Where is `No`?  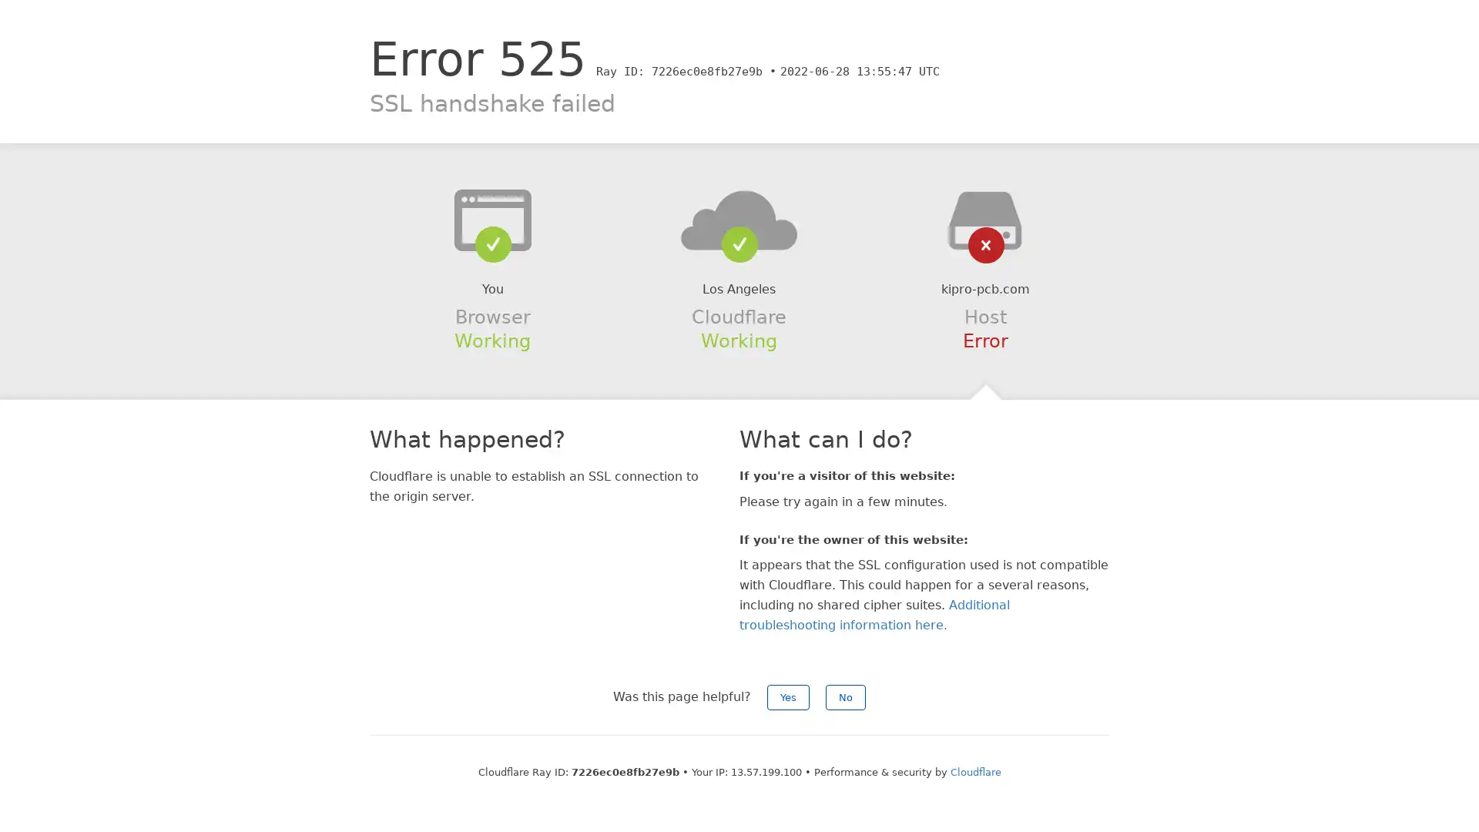
No is located at coordinates (845, 697).